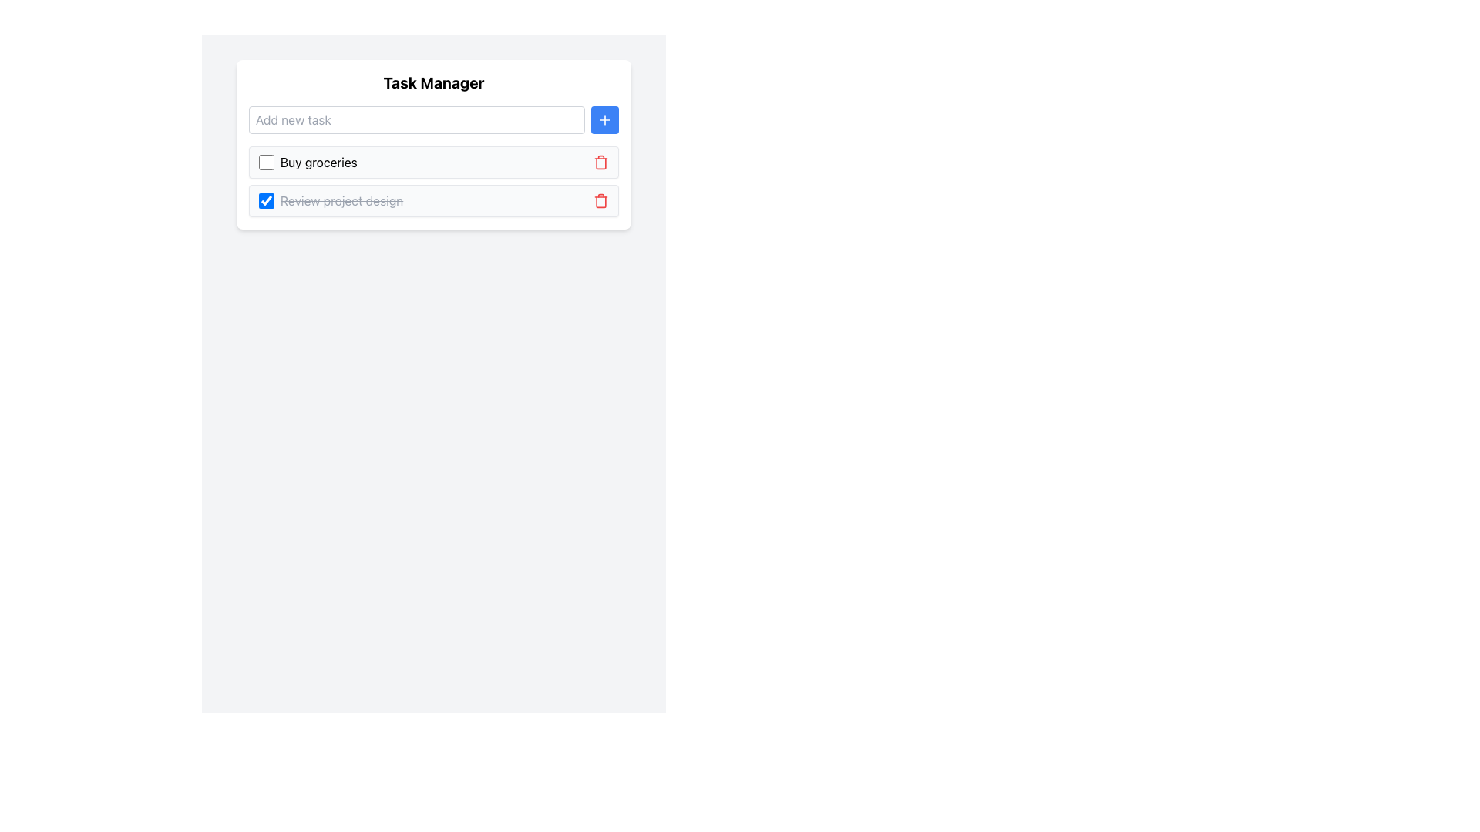 This screenshot has width=1480, height=832. What do you see at coordinates (432, 180) in the screenshot?
I see `the checkbox of the list item labeled 'Buy groceries'` at bounding box center [432, 180].